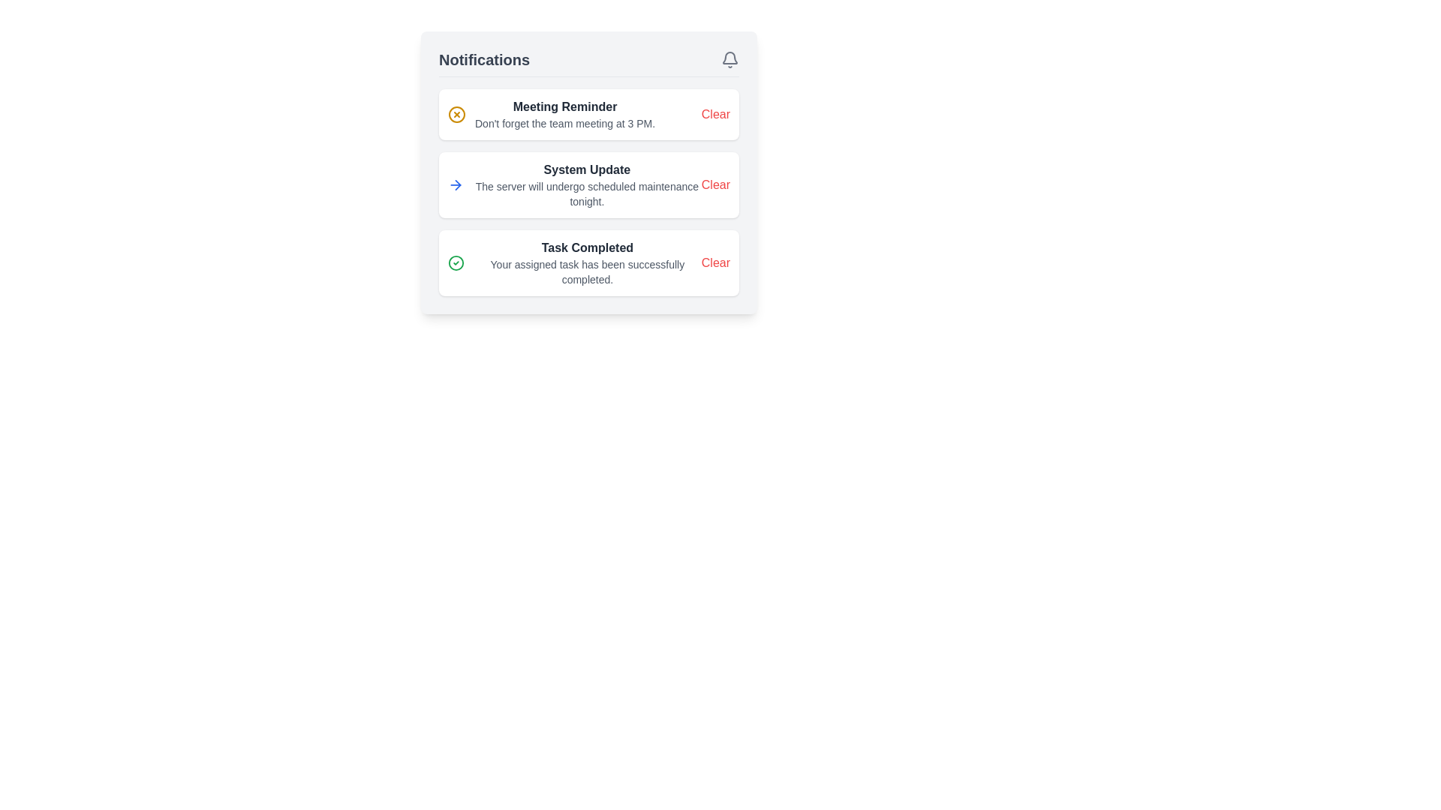 This screenshot has height=810, width=1441. I want to click on the circular icon that serves as a visual indicator for the meeting reminder, located at the leftmost side of the 'Meeting Reminder' notification entry, so click(456, 114).